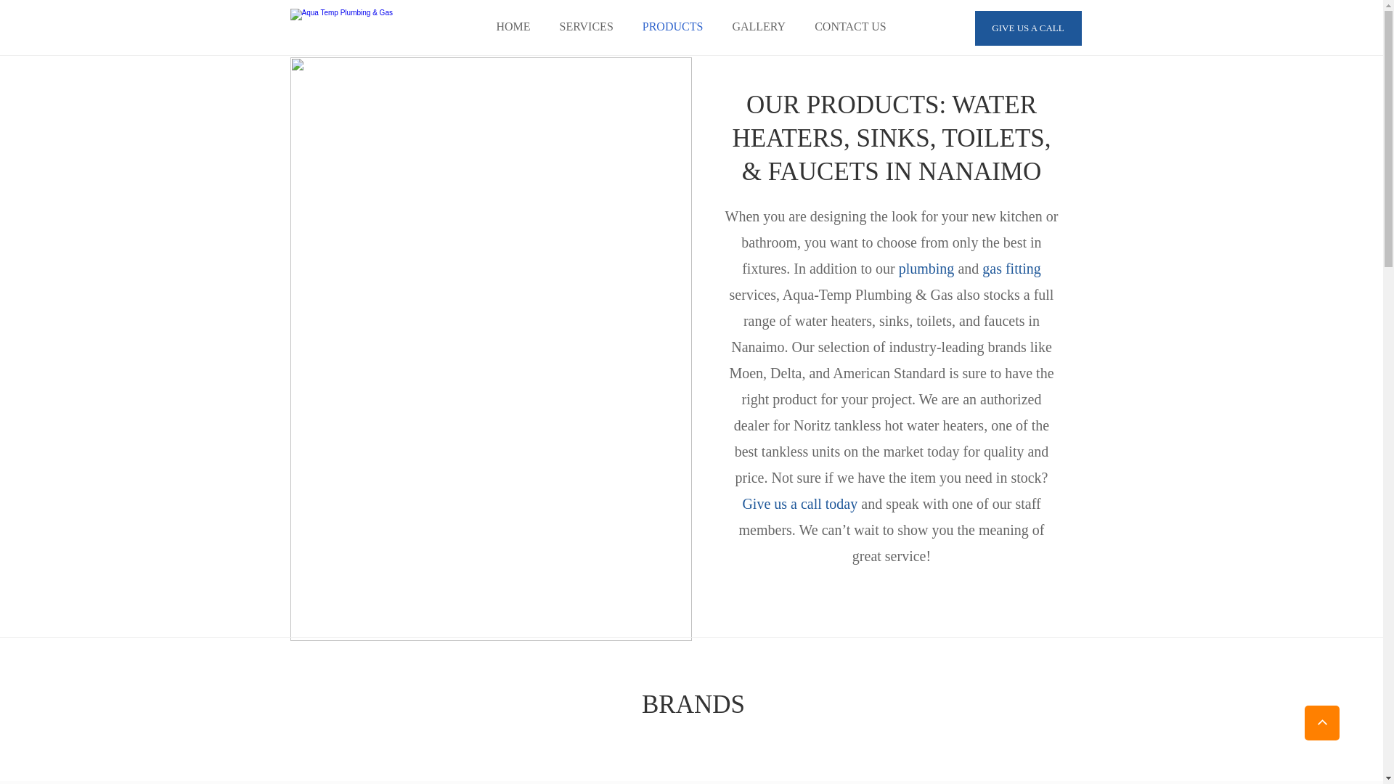  Describe the element at coordinates (627, 27) in the screenshot. I see `'PRODUCTS'` at that location.